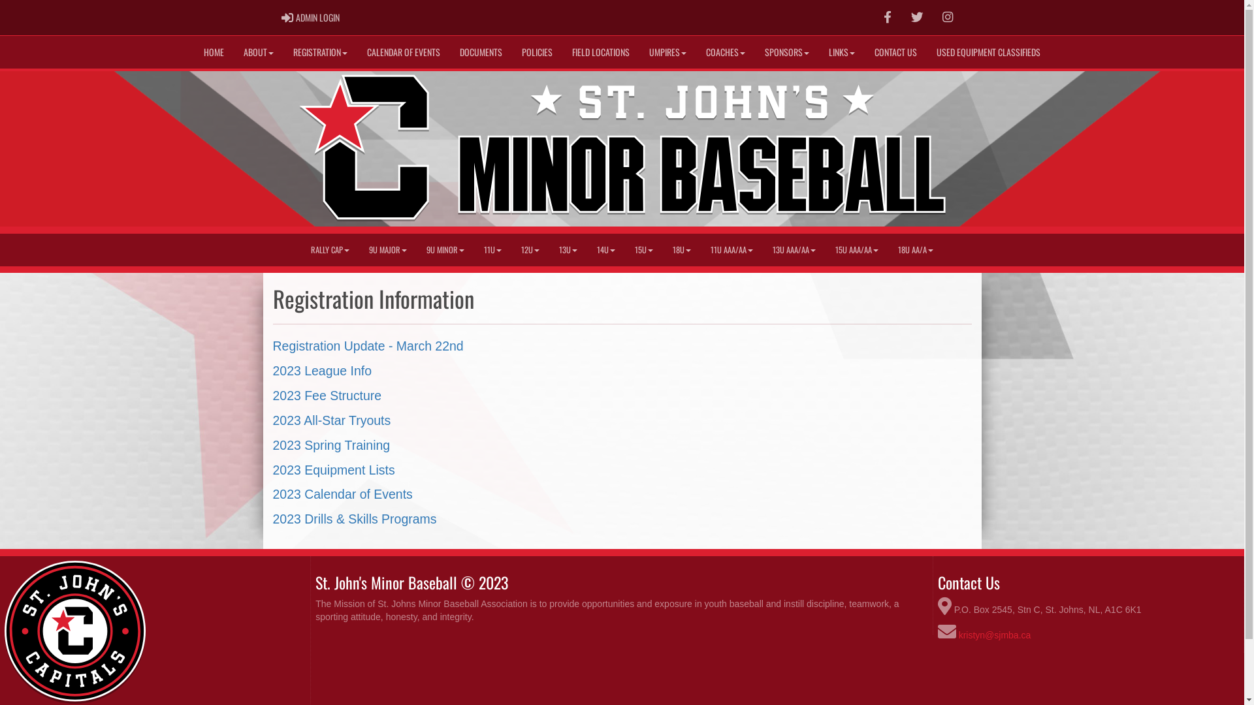  Describe the element at coordinates (947, 17) in the screenshot. I see `'instagram'` at that location.